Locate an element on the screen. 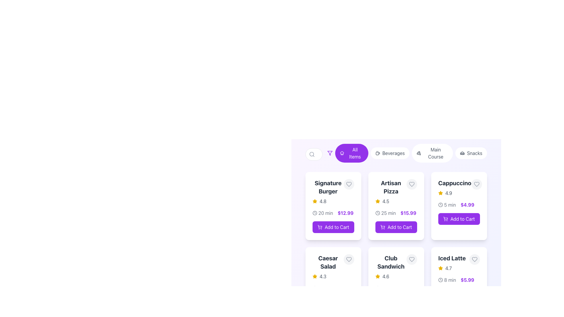 The height and width of the screenshot is (317, 564). the text display component showing '8 min' and '$5.99' on the 'Iced Latte' card located in the bottom-right corner of the product cards is located at coordinates (459, 279).